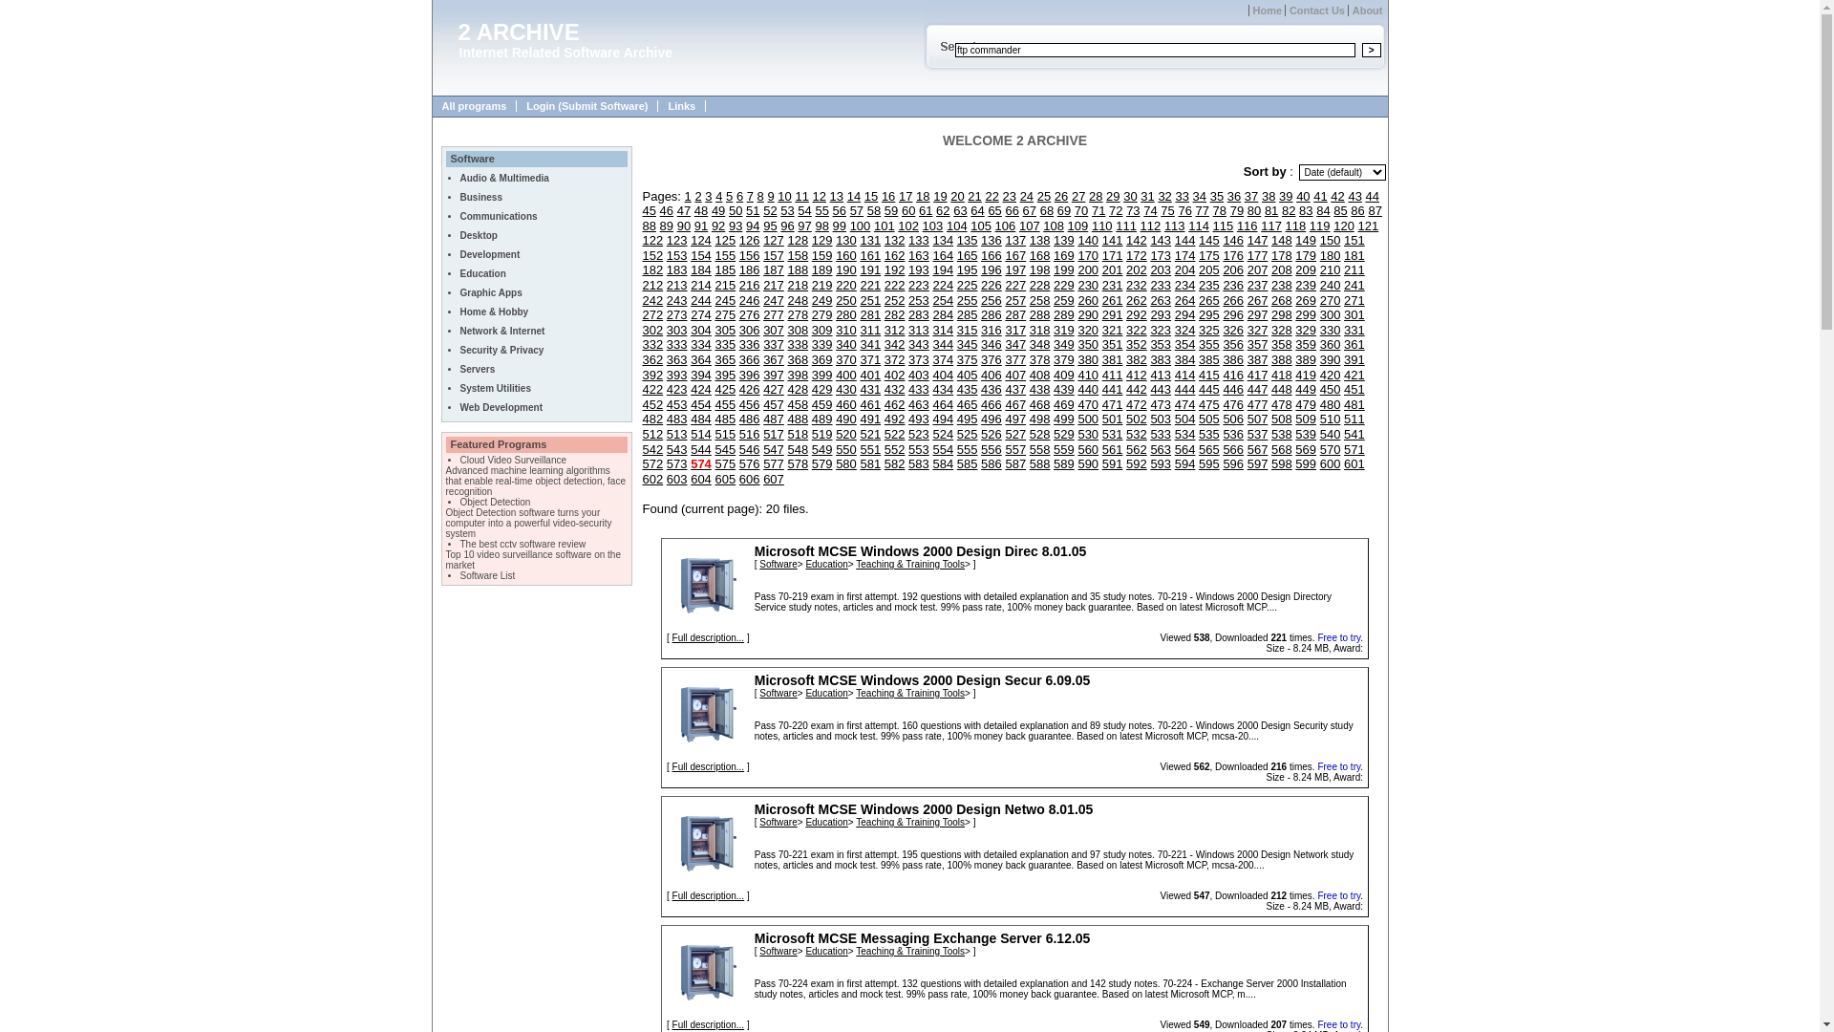 The width and height of the screenshot is (1834, 1032). What do you see at coordinates (1113, 196) in the screenshot?
I see `'29'` at bounding box center [1113, 196].